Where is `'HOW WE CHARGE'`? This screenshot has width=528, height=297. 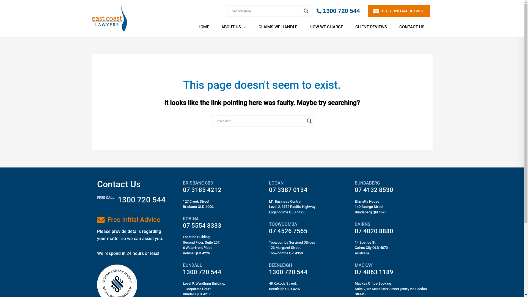 'HOW WE CHARGE' is located at coordinates (328, 27).